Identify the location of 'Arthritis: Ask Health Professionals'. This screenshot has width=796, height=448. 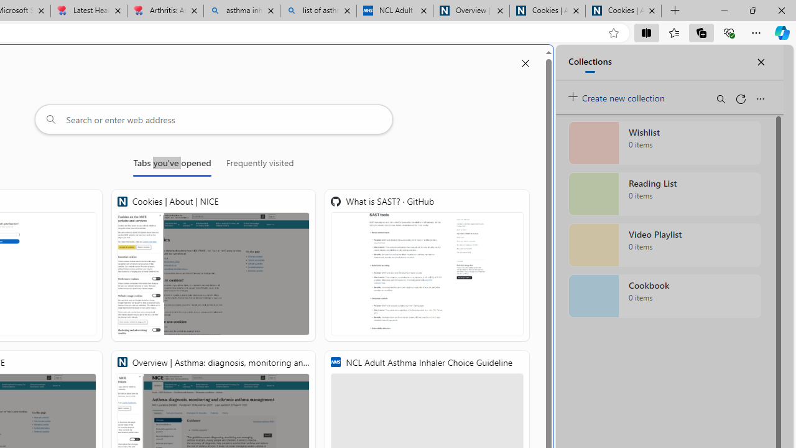
(164, 11).